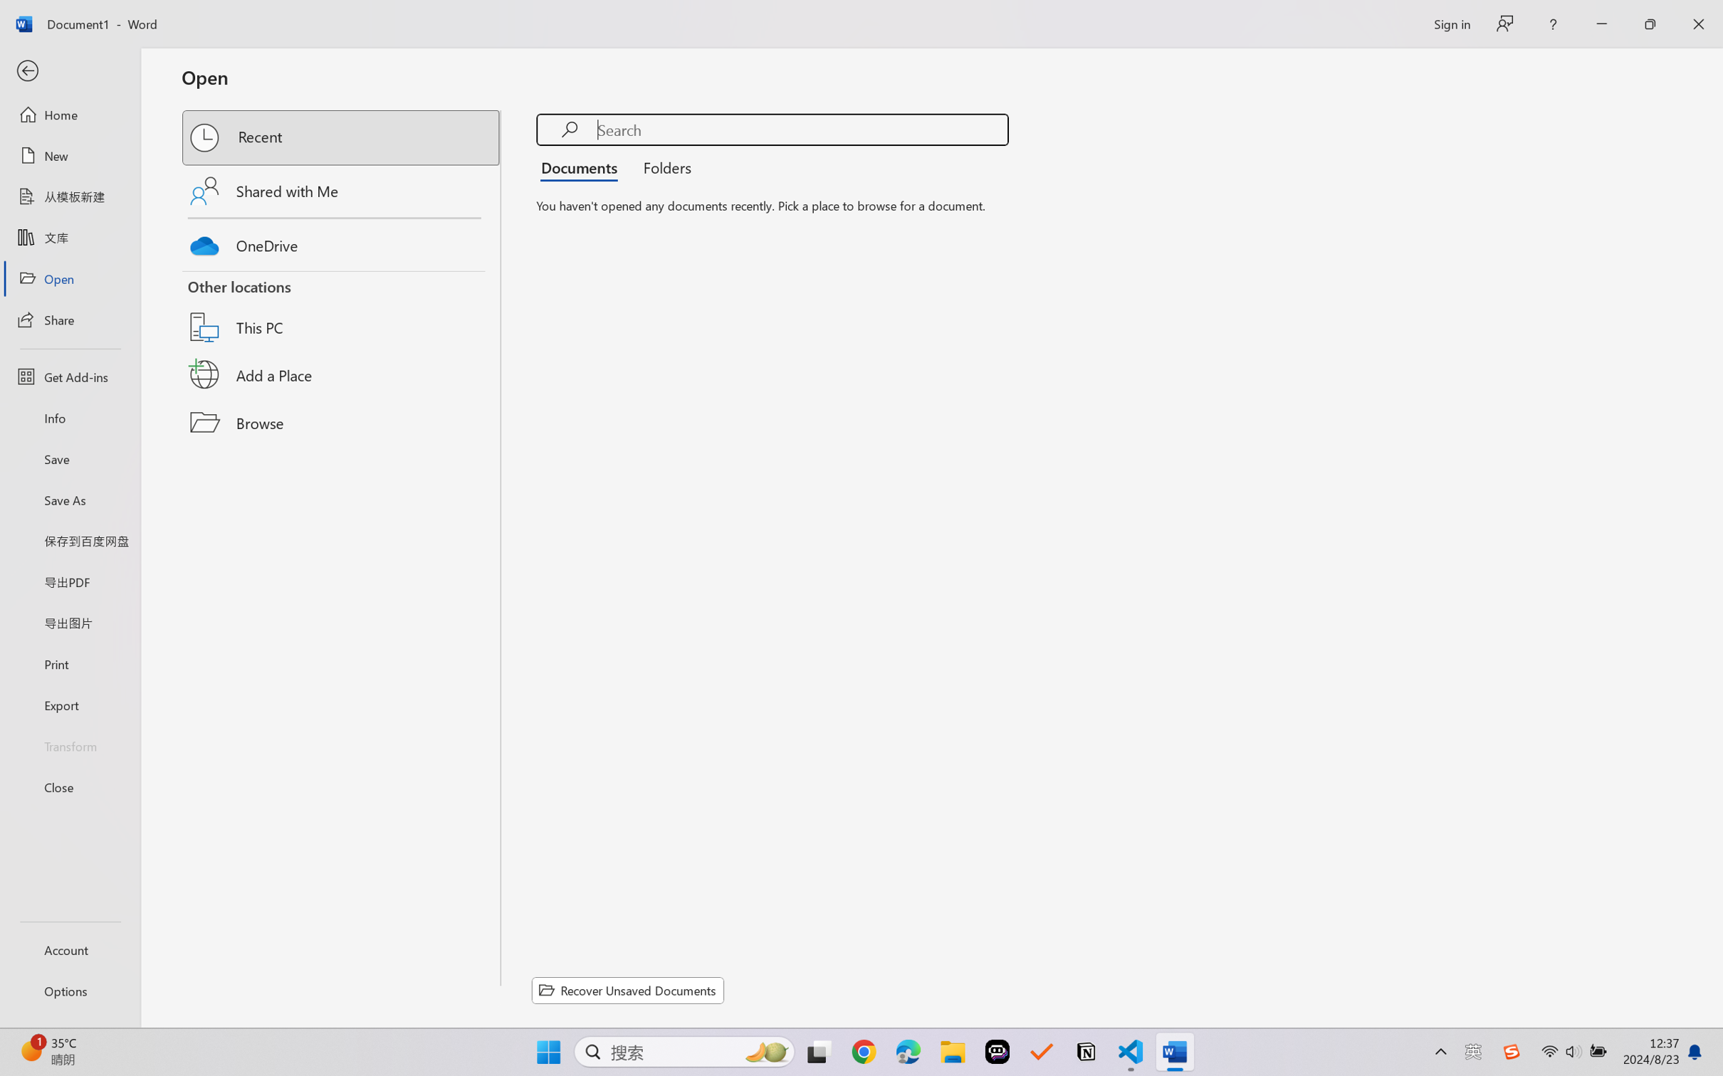 The height and width of the screenshot is (1076, 1723). I want to click on 'Options', so click(69, 990).